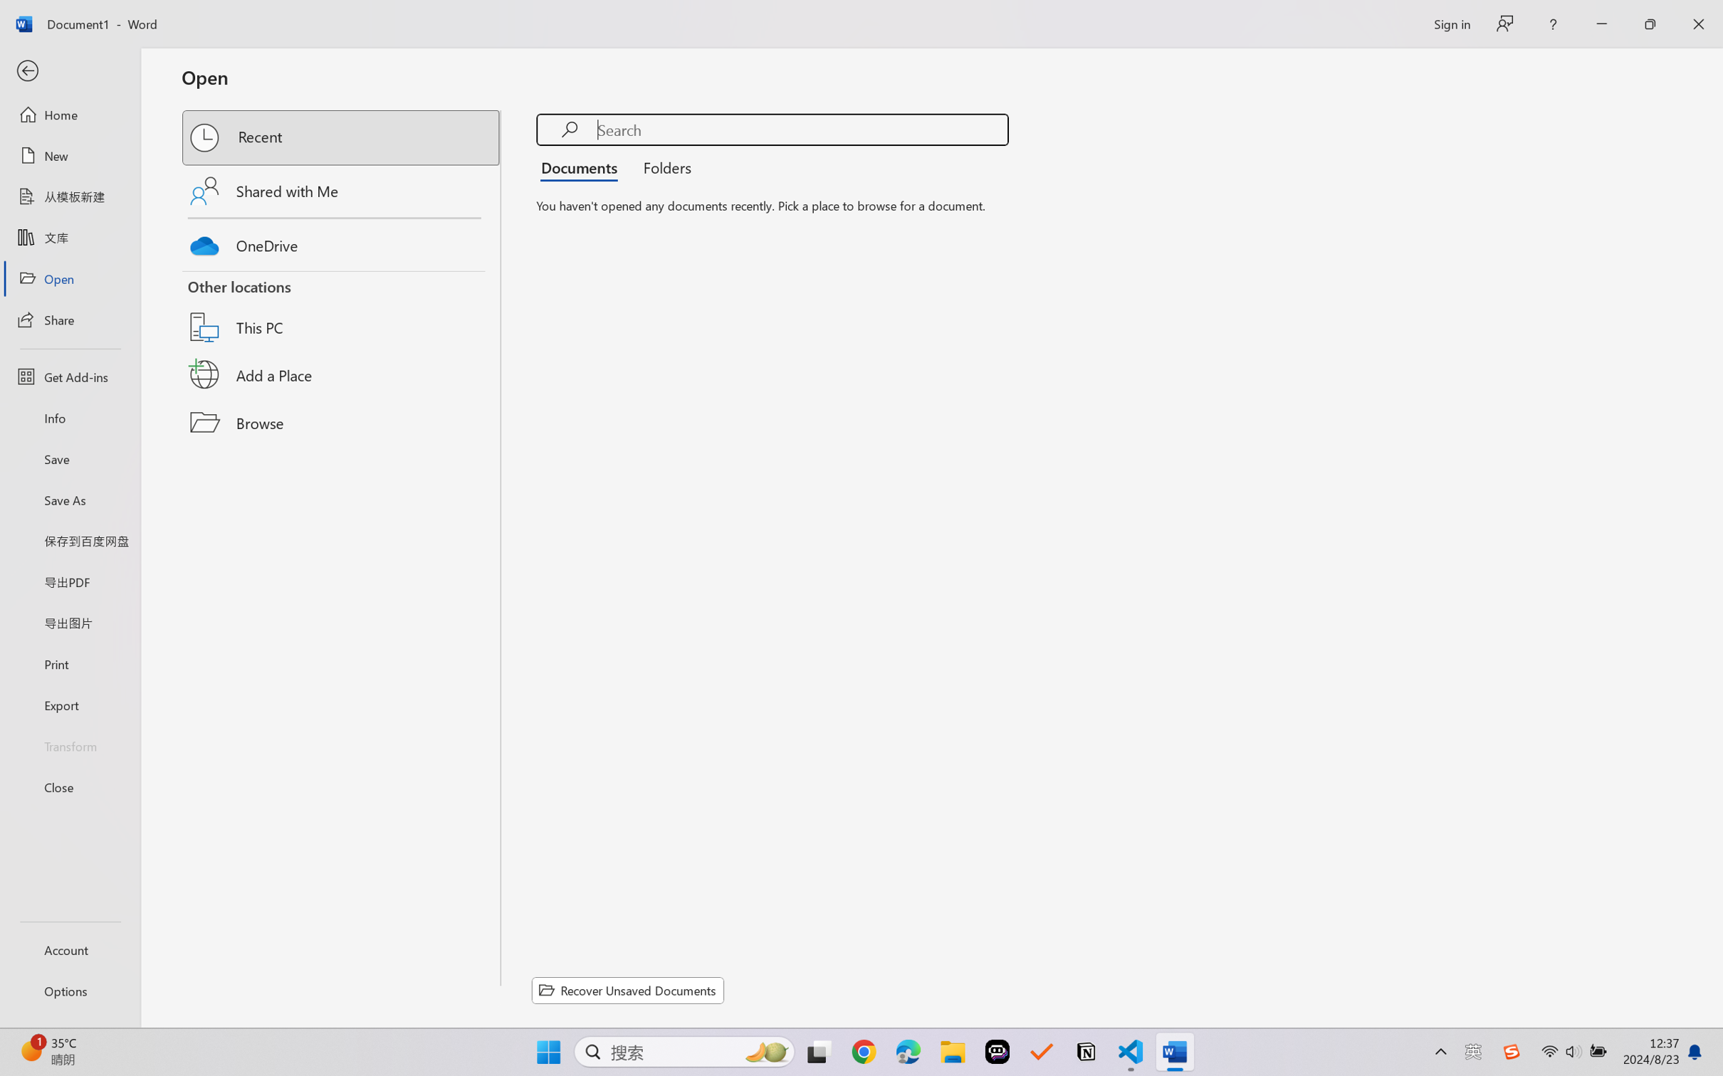 The height and width of the screenshot is (1076, 1723). I want to click on 'Options', so click(69, 990).